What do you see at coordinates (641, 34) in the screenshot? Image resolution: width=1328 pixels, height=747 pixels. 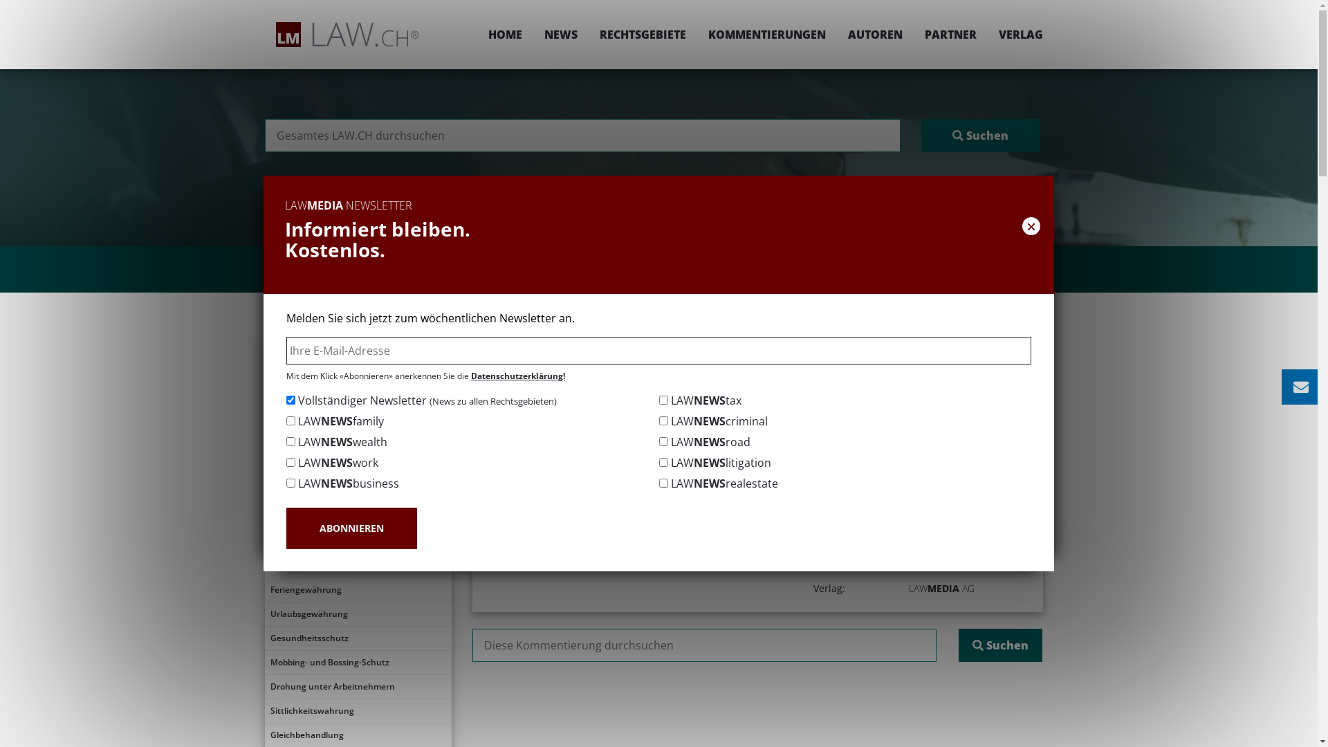 I see `'RECHTSGEBIETE'` at bounding box center [641, 34].